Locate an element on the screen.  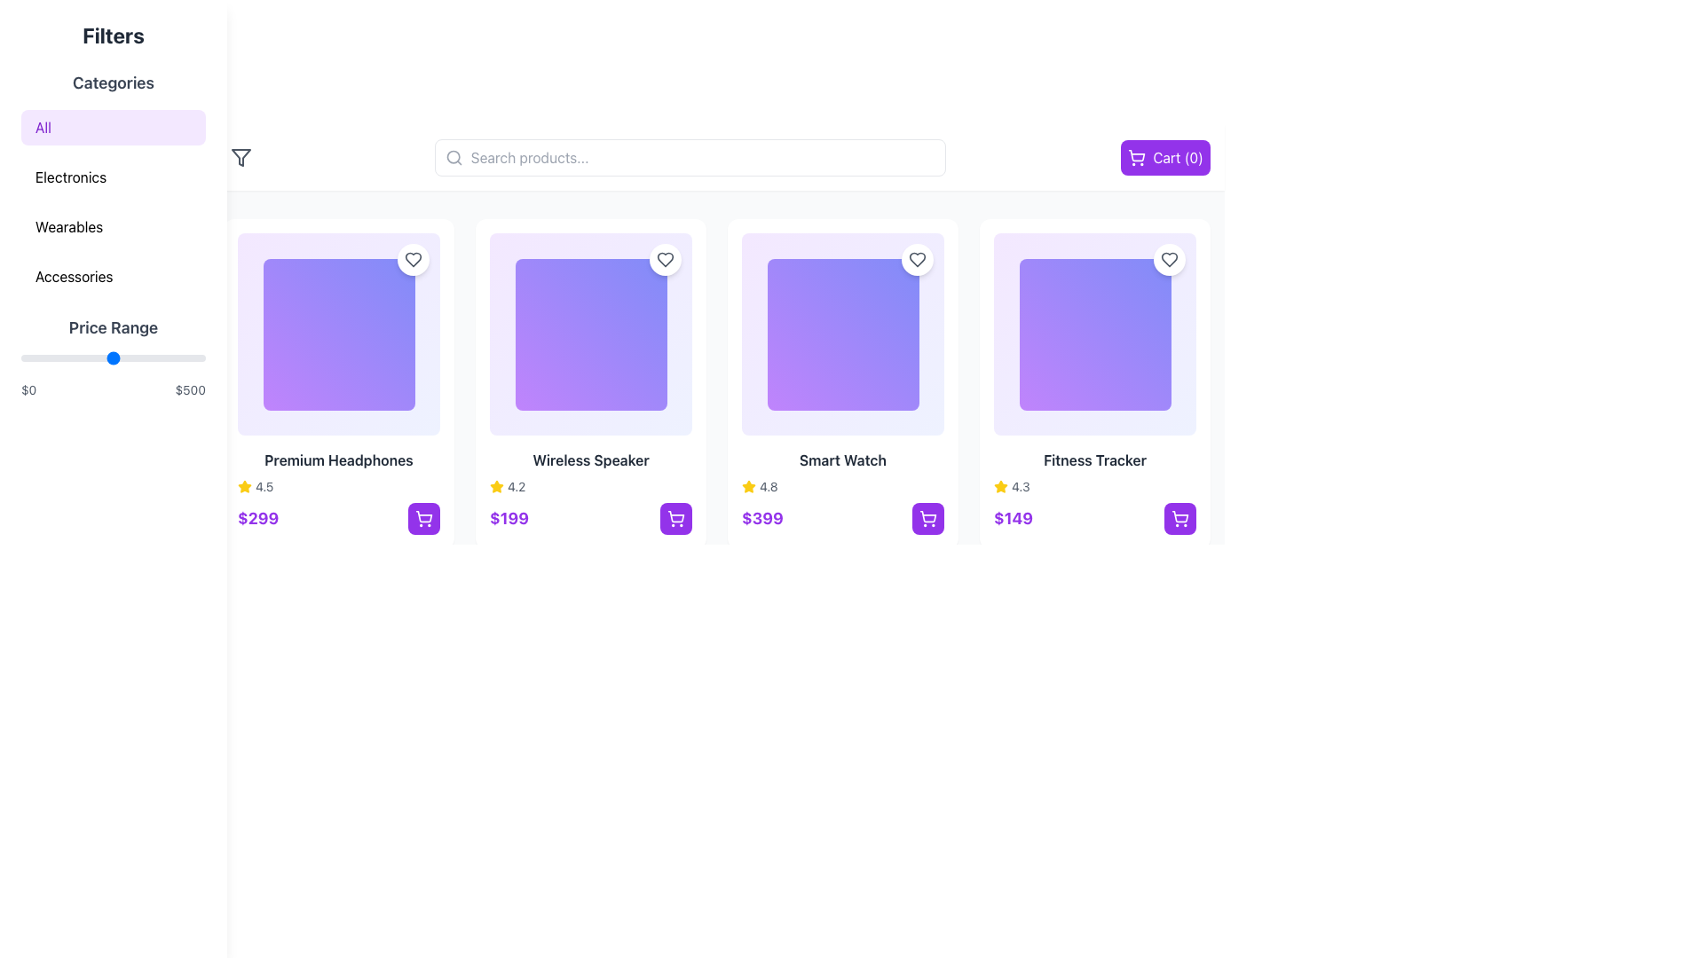
the price range slider is located at coordinates (77, 358).